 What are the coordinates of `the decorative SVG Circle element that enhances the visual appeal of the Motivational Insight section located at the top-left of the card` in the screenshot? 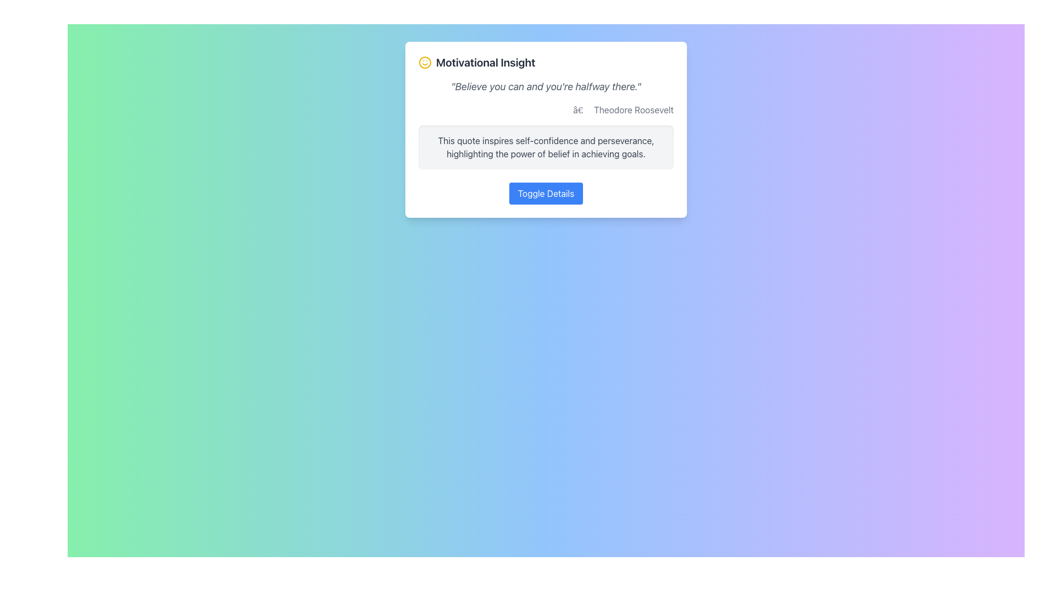 It's located at (424, 63).